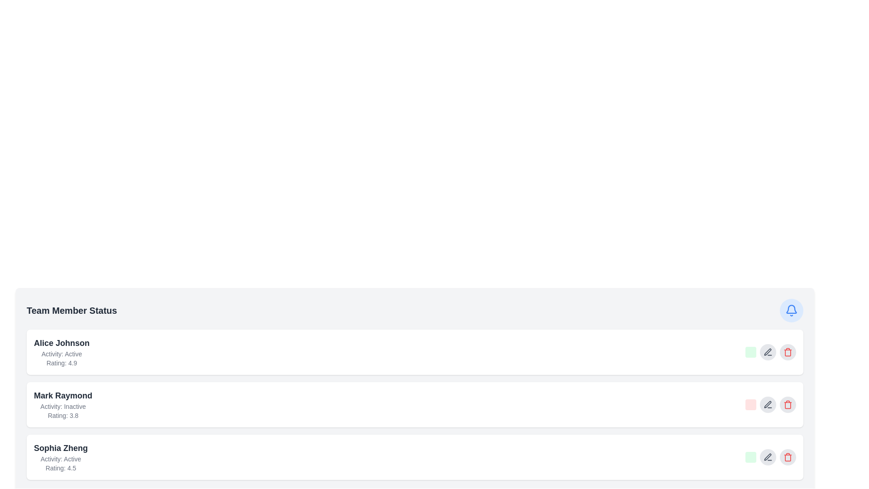  Describe the element at coordinates (62, 404) in the screenshot. I see `the informational card representing a team member's status and rating, which is positioned in the second visible row of the 'Team Member Status' list, below 'Alice Johnson' and above 'Sophia Zheng'` at that location.